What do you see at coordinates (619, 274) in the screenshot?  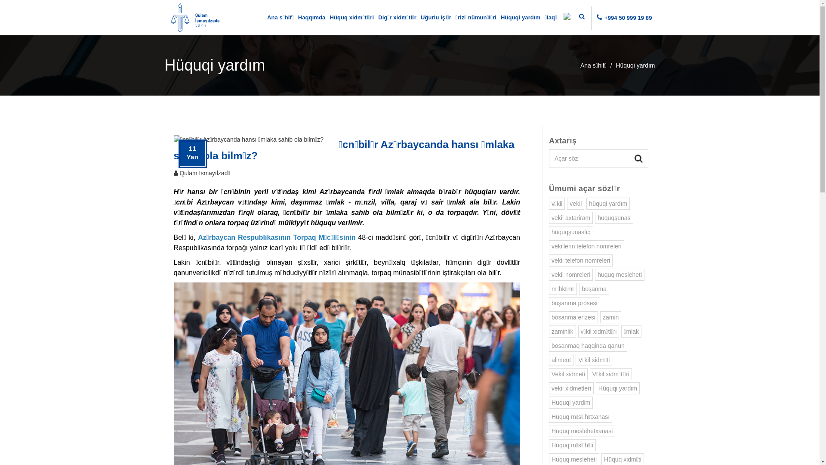 I see `'huquq mesleheti'` at bounding box center [619, 274].